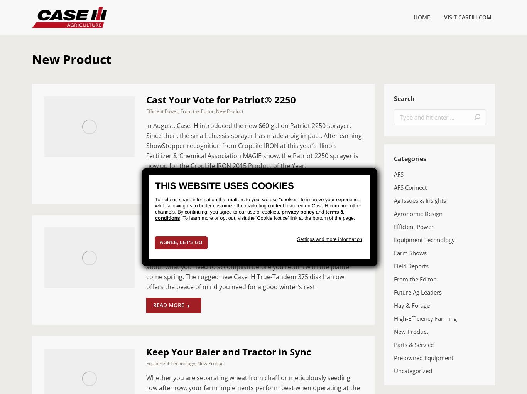 This screenshot has width=527, height=394. What do you see at coordinates (221, 99) in the screenshot?
I see `'Cast Your Vote for Patriot® 2250'` at bounding box center [221, 99].